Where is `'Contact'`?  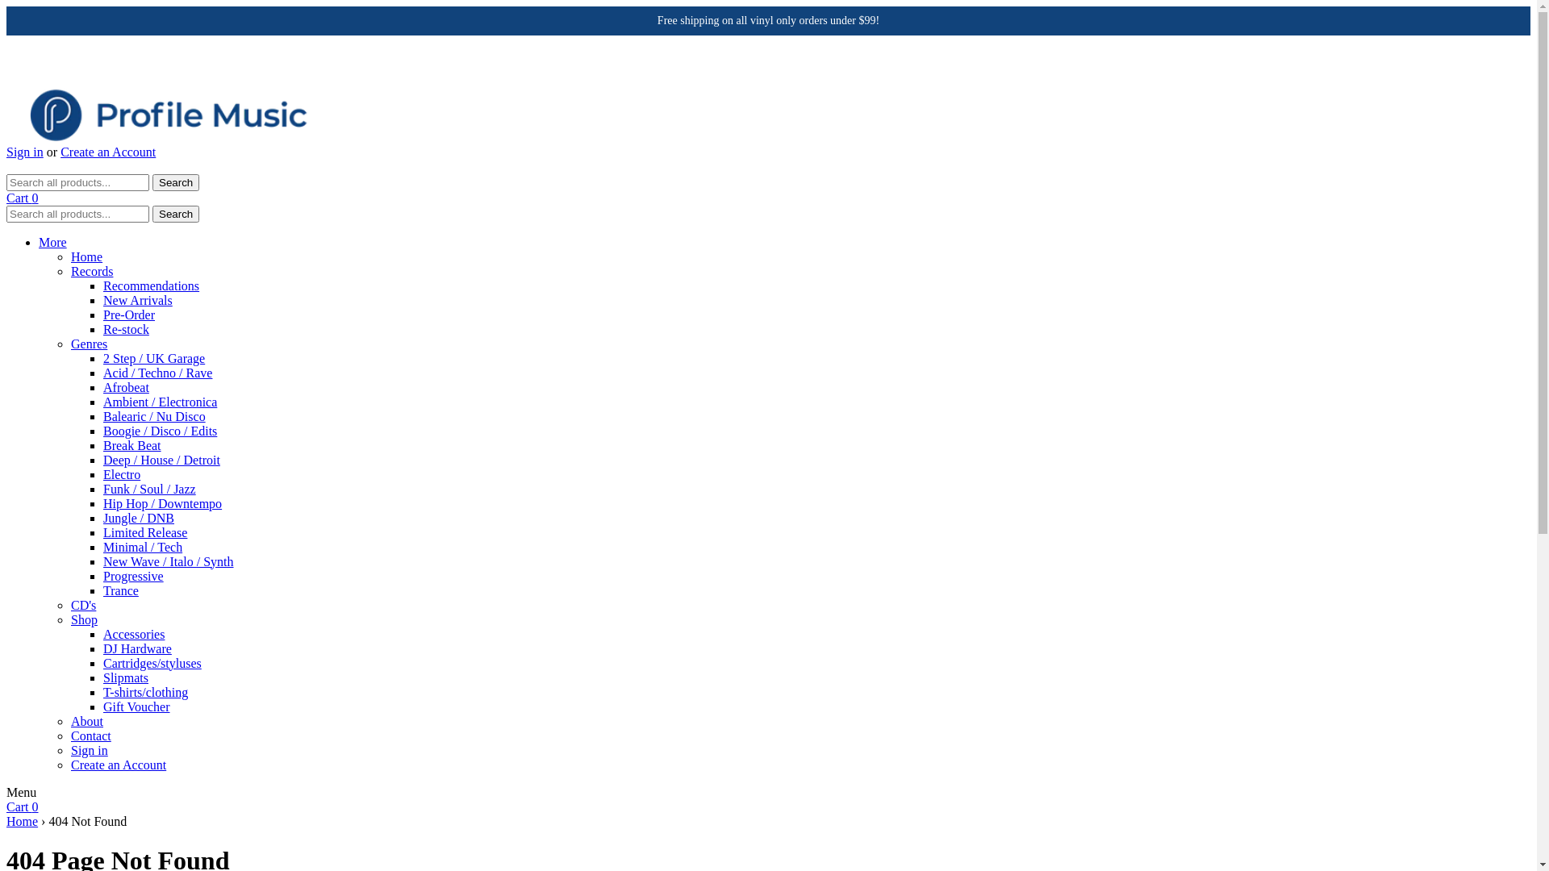 'Contact' is located at coordinates (69, 736).